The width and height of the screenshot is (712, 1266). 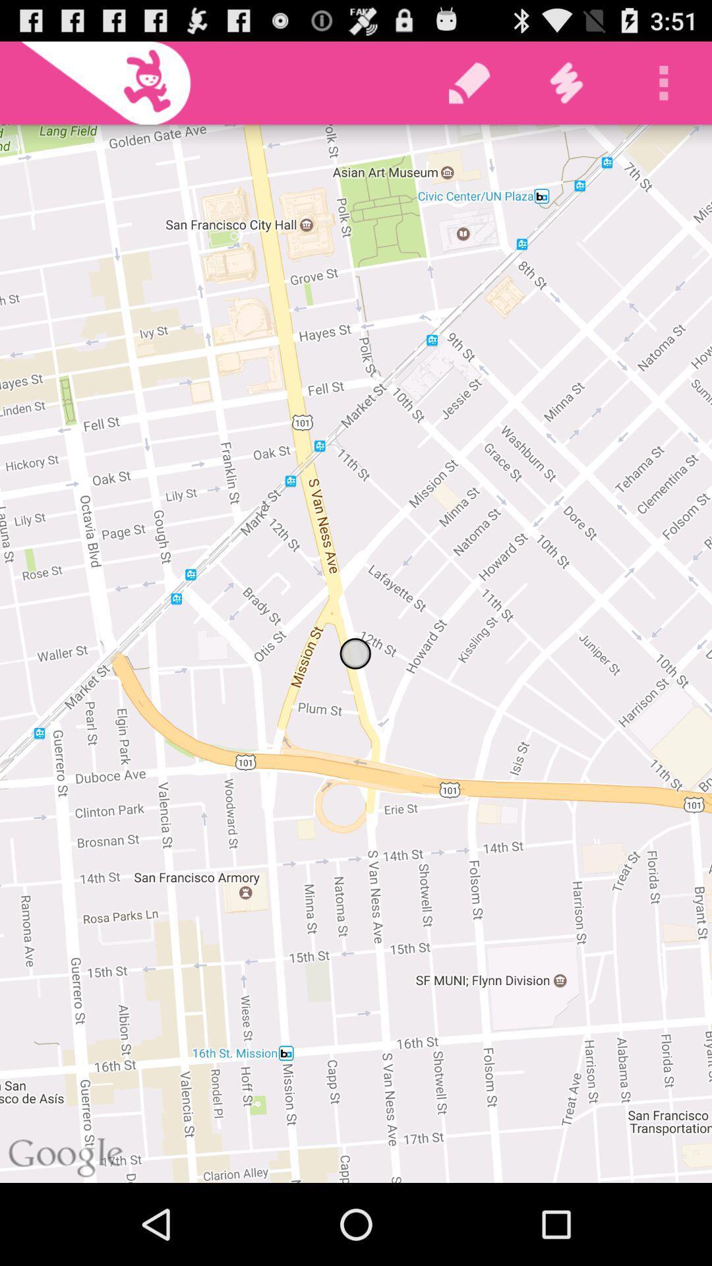 I want to click on the icon at the top, so click(x=469, y=82).